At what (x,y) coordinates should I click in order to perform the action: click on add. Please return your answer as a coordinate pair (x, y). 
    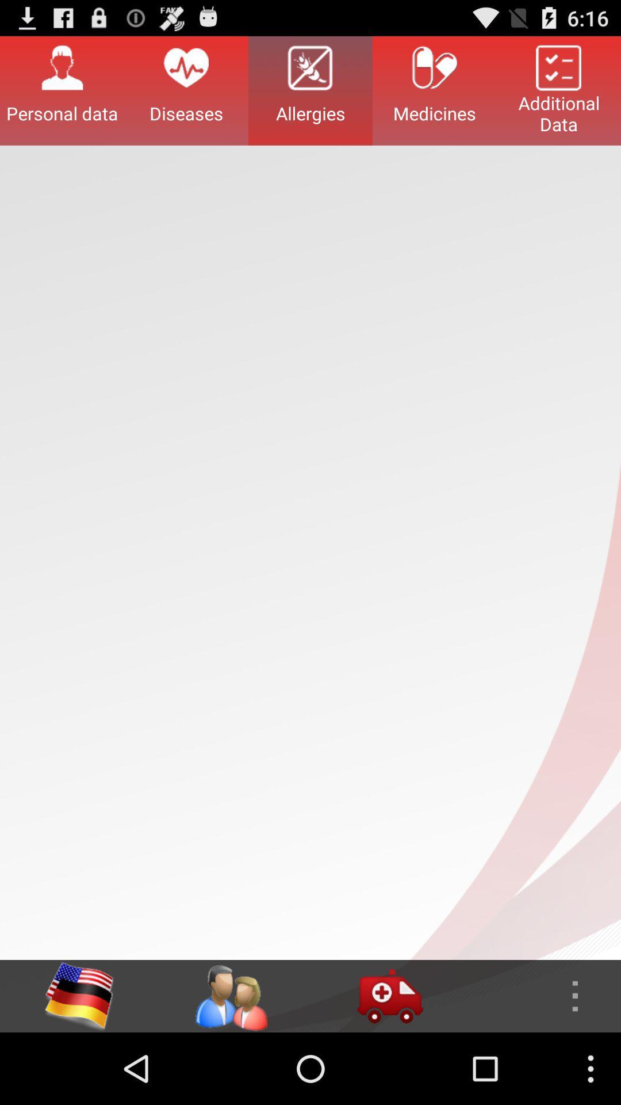
    Looking at the image, I should click on (389, 996).